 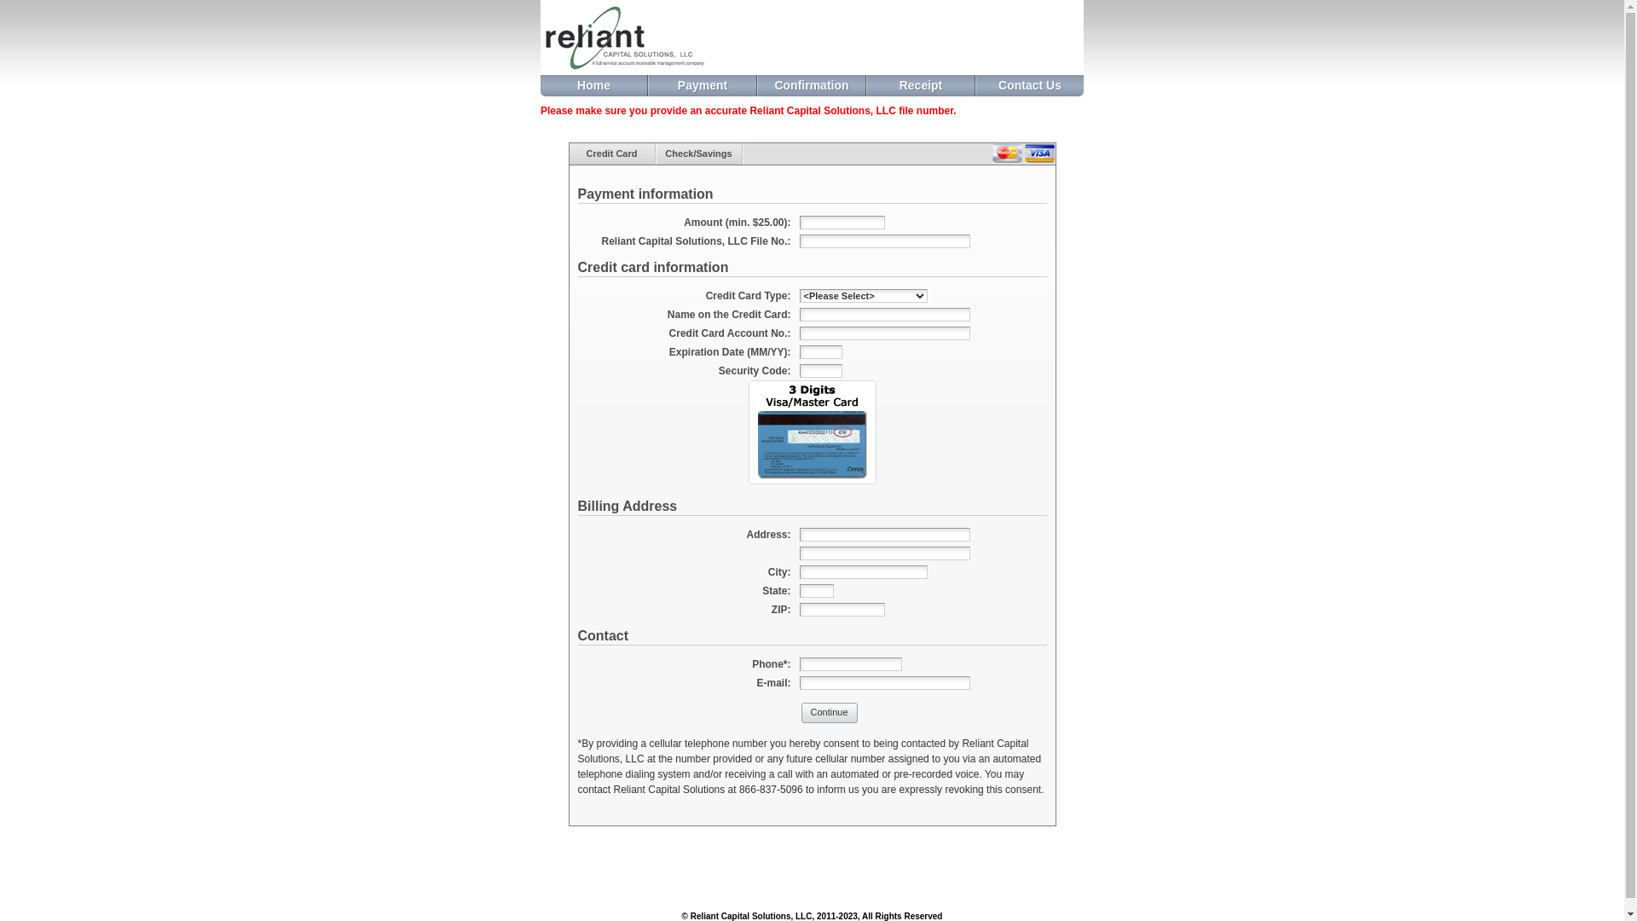 I want to click on 'Check/Savings', so click(x=699, y=153).